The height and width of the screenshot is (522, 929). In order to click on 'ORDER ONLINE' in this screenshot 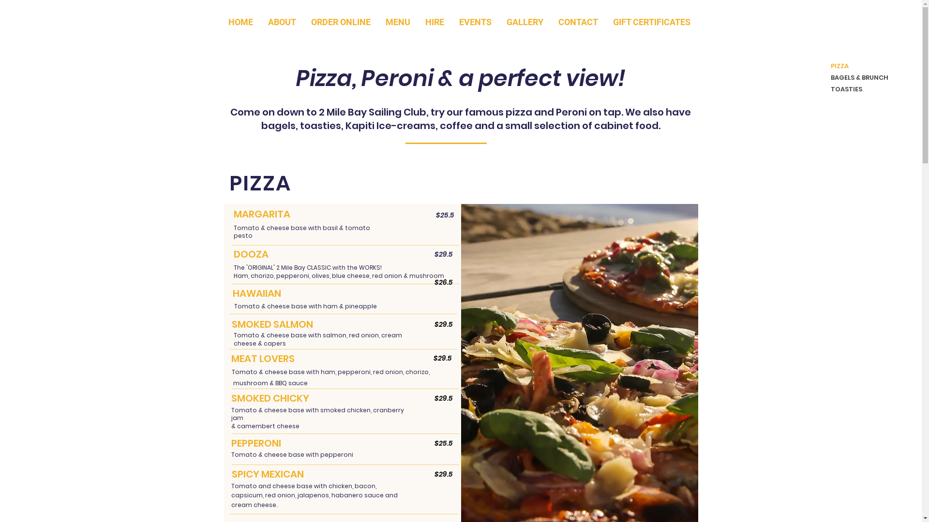, I will do `click(341, 22)`.